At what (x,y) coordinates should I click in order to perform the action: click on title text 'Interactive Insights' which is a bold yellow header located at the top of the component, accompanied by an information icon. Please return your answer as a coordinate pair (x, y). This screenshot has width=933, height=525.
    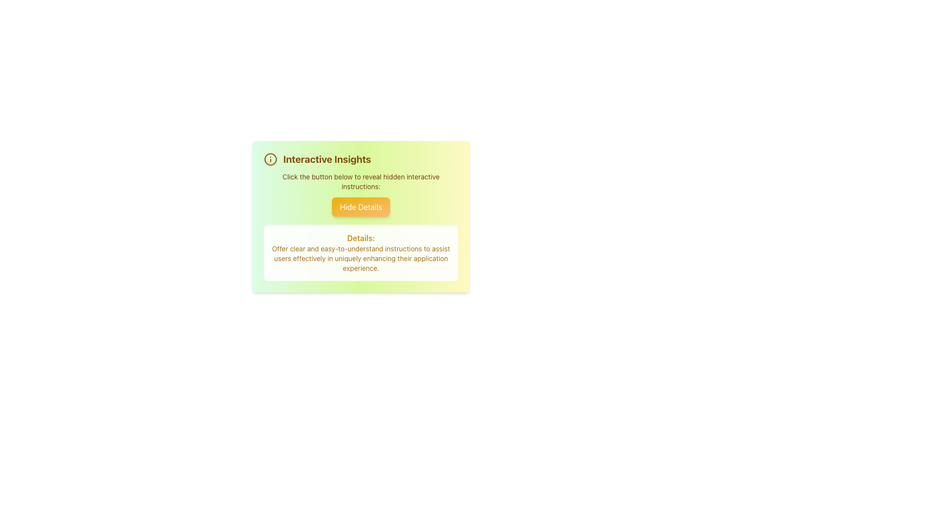
    Looking at the image, I should click on (361, 158).